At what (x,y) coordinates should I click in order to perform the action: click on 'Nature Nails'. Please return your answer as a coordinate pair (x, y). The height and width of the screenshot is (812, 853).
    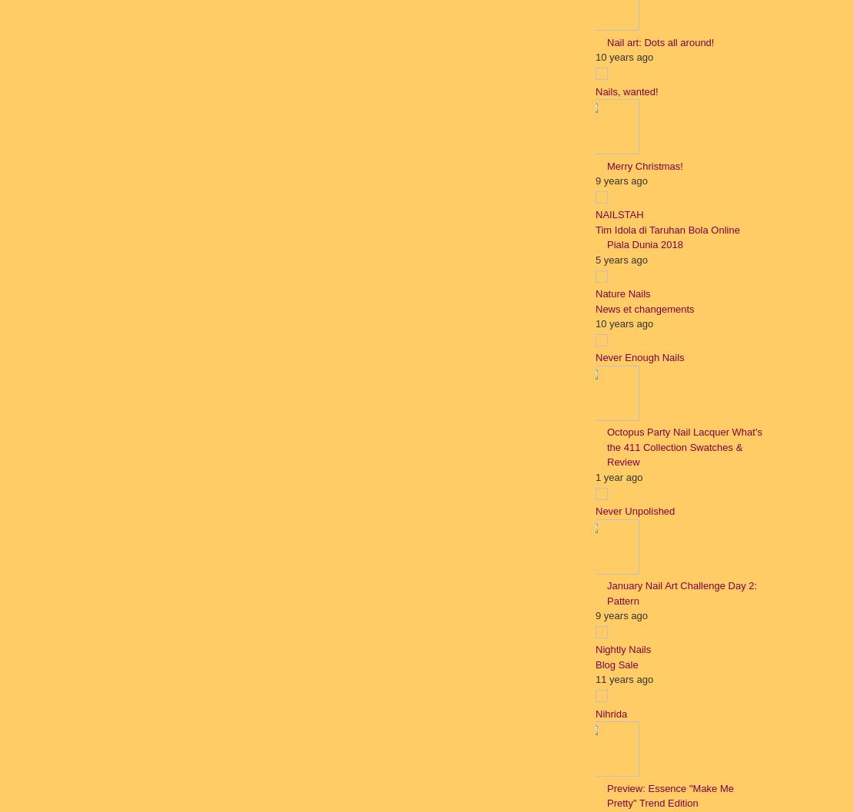
    Looking at the image, I should click on (622, 293).